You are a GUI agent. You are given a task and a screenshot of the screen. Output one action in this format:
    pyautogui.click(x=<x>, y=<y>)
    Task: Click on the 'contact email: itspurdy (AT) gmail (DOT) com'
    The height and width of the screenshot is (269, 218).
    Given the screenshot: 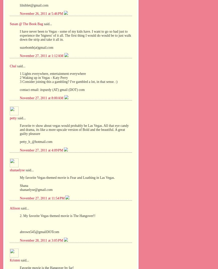 What is the action you would take?
    pyautogui.click(x=52, y=89)
    